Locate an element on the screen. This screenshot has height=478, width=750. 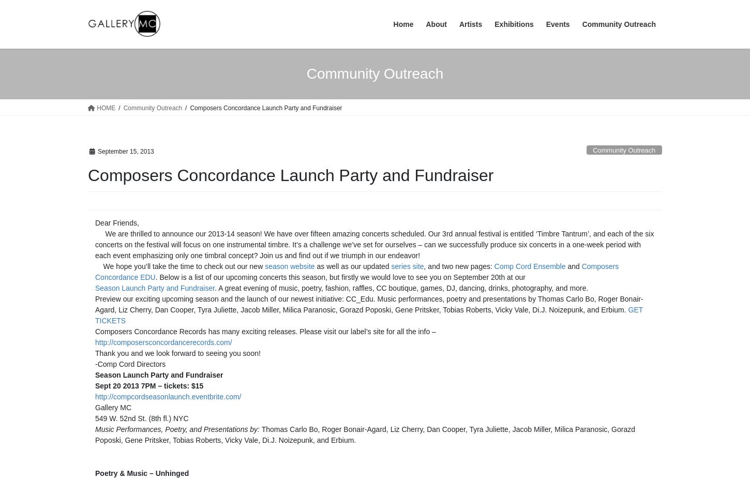
'Artists' is located at coordinates (470, 24).